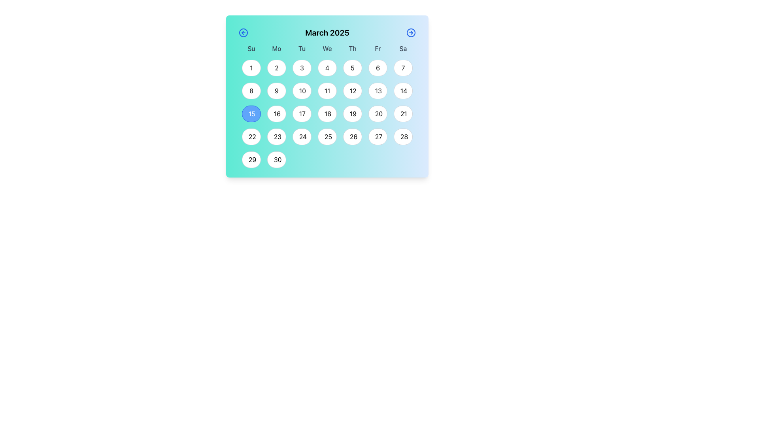 The image size is (759, 427). I want to click on the Text Label displaying the current month and year in the calendar interface, located at the top of the calendar, so click(327, 34).